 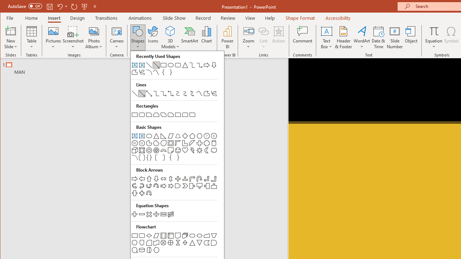 I want to click on 'Object...', so click(x=411, y=37).